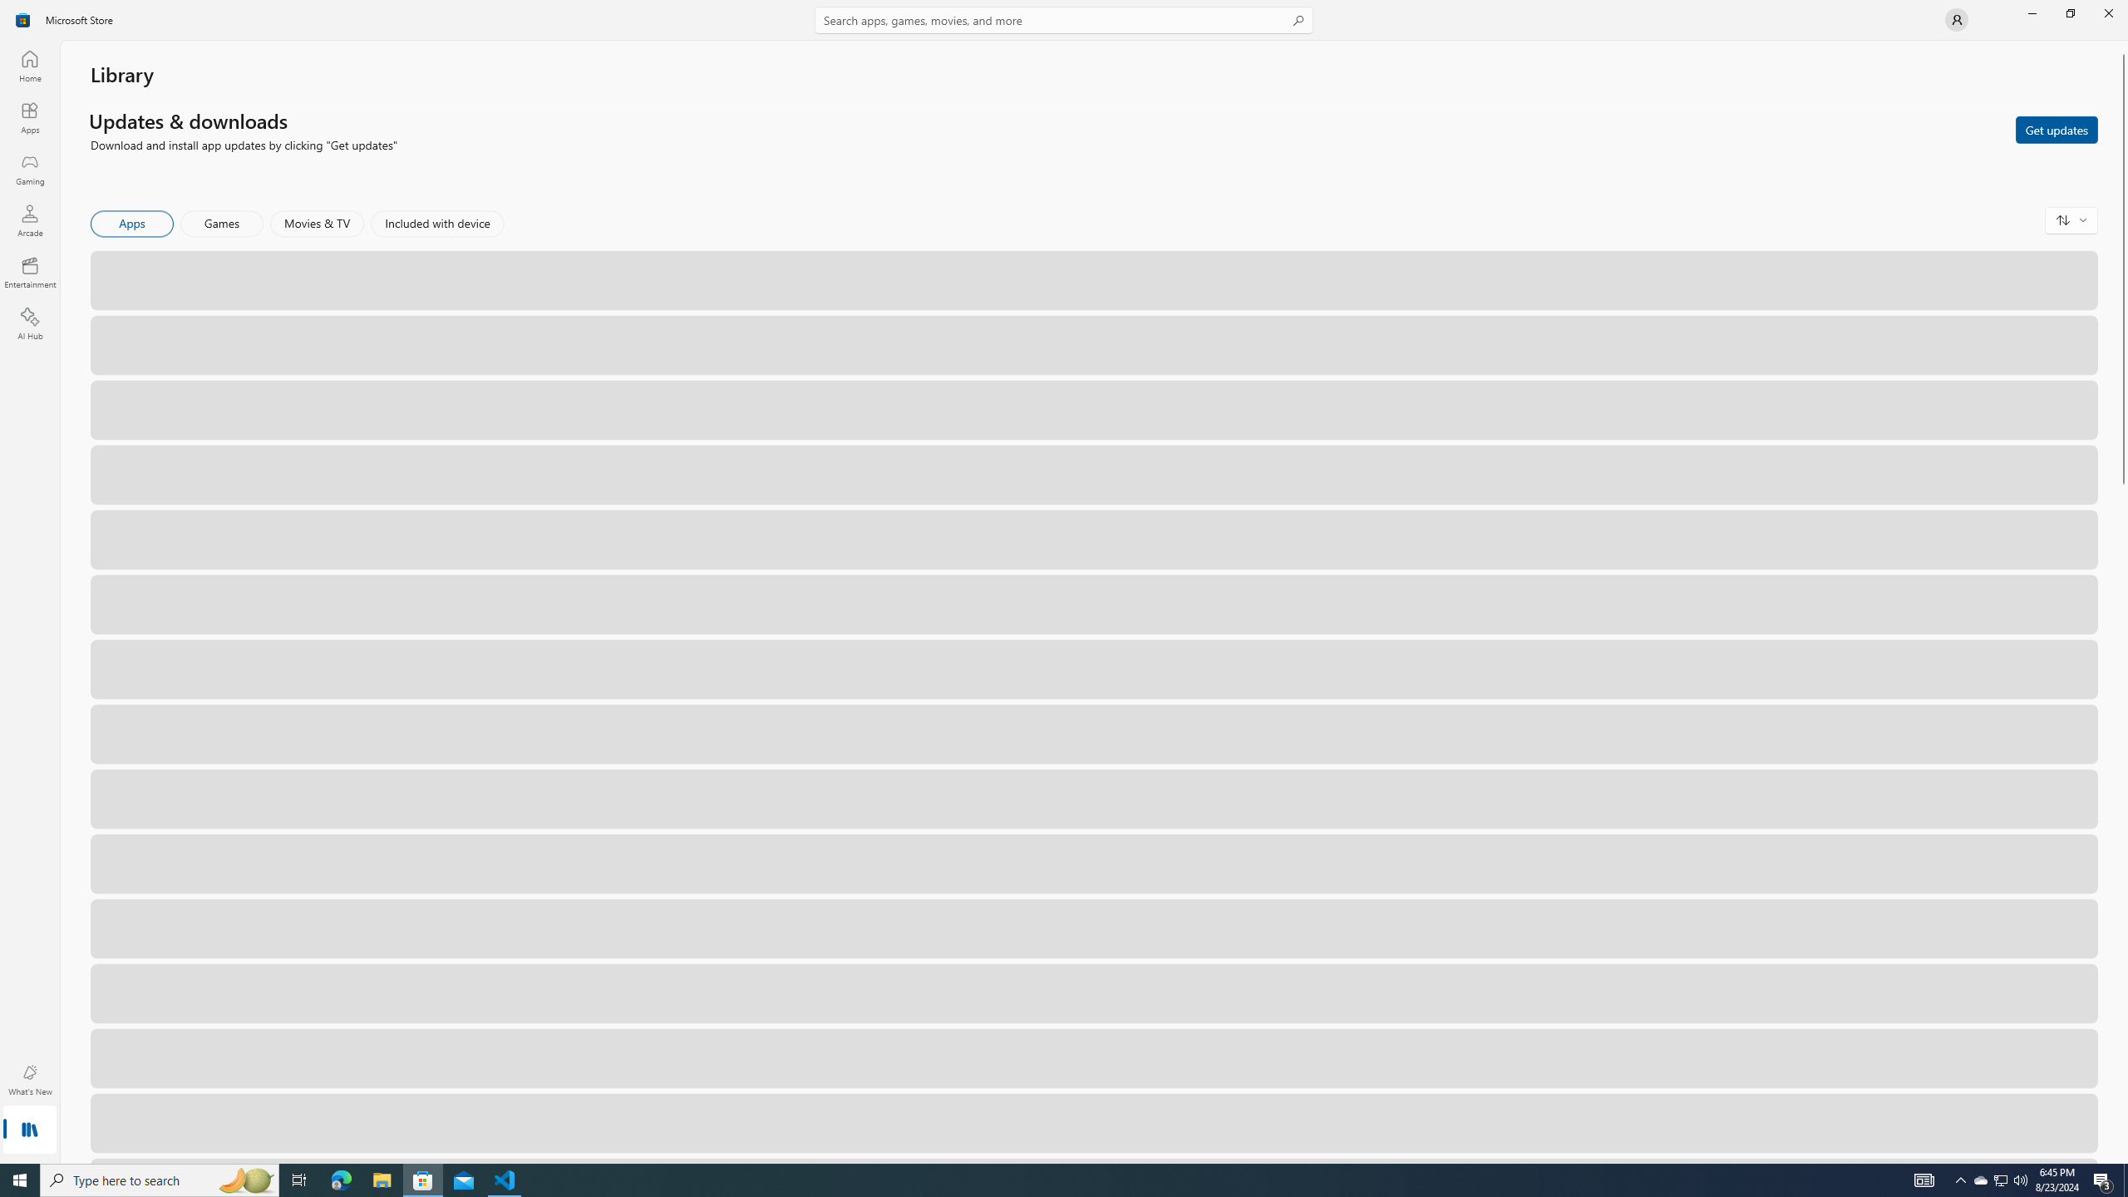 The width and height of the screenshot is (2128, 1197). What do you see at coordinates (2070, 12) in the screenshot?
I see `'Restore Microsoft Store'` at bounding box center [2070, 12].